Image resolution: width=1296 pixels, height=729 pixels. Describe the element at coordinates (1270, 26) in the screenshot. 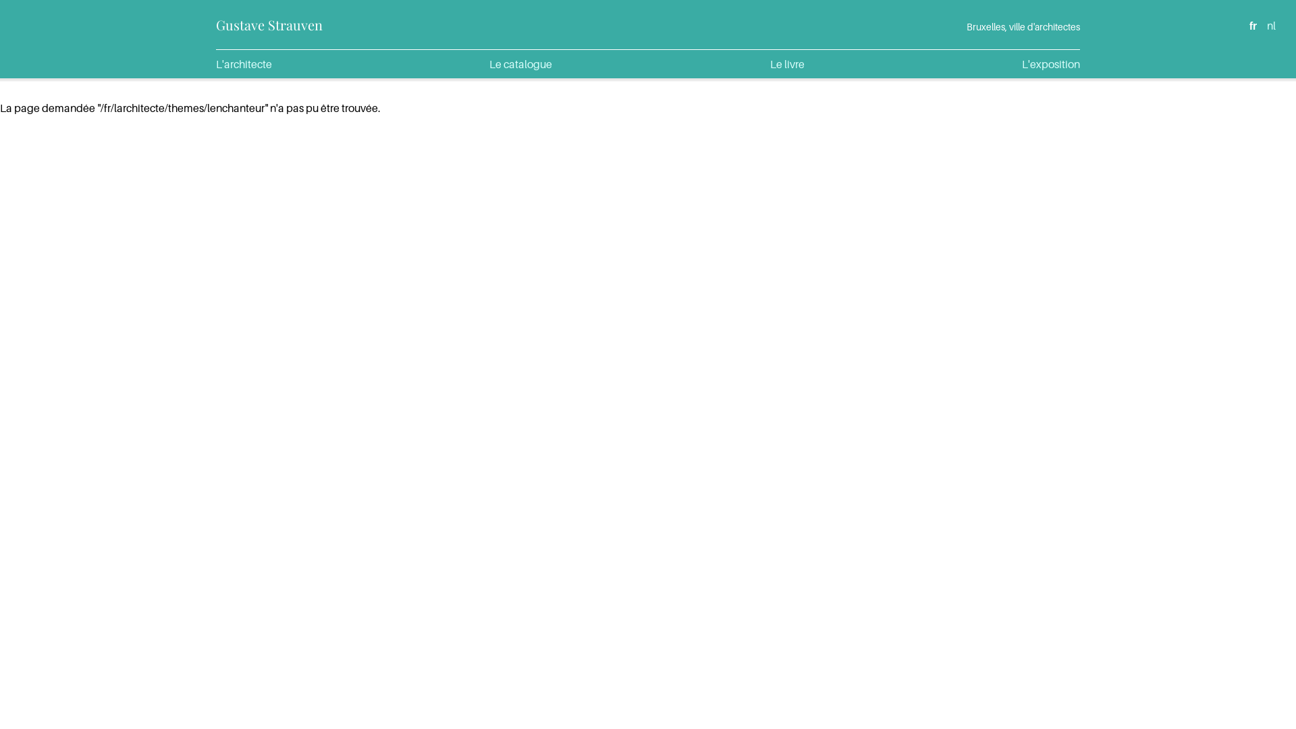

I see `'nl'` at that location.